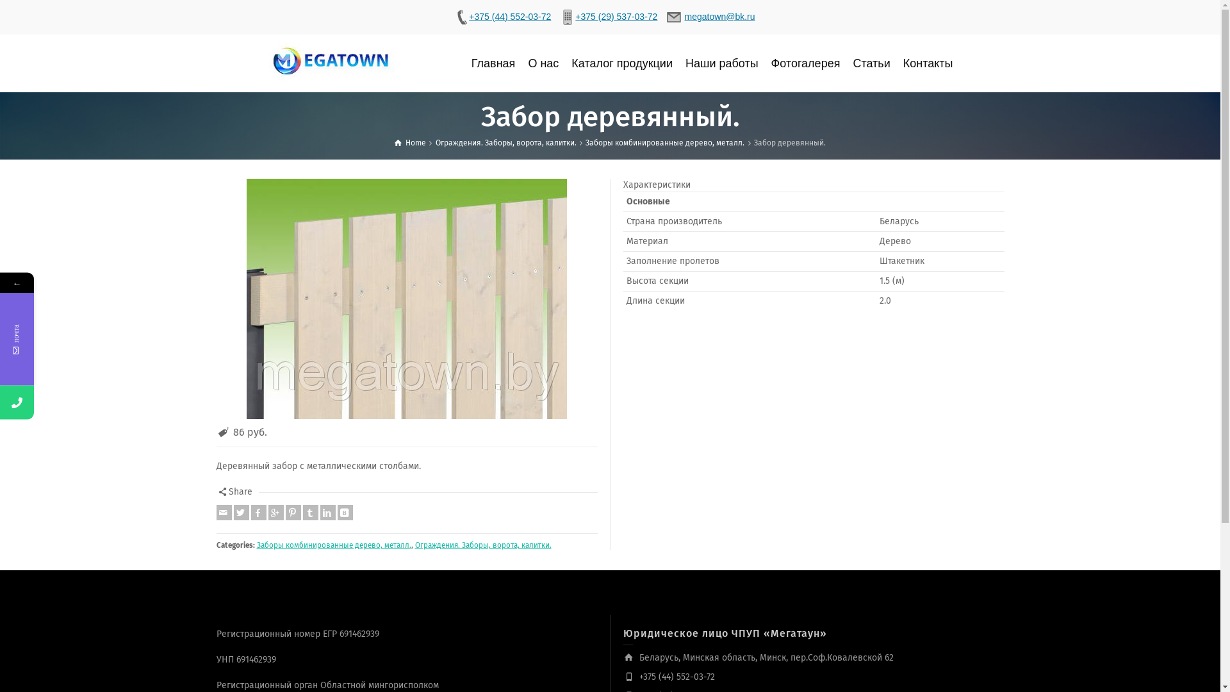 This screenshot has width=1230, height=692. I want to click on 'Home', so click(410, 143).